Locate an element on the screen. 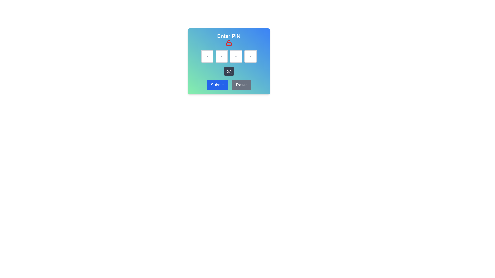 Image resolution: width=495 pixels, height=278 pixels. the 'Submit' button, which is the left button in a group of two buttons below the PIN entry fields is located at coordinates (217, 85).